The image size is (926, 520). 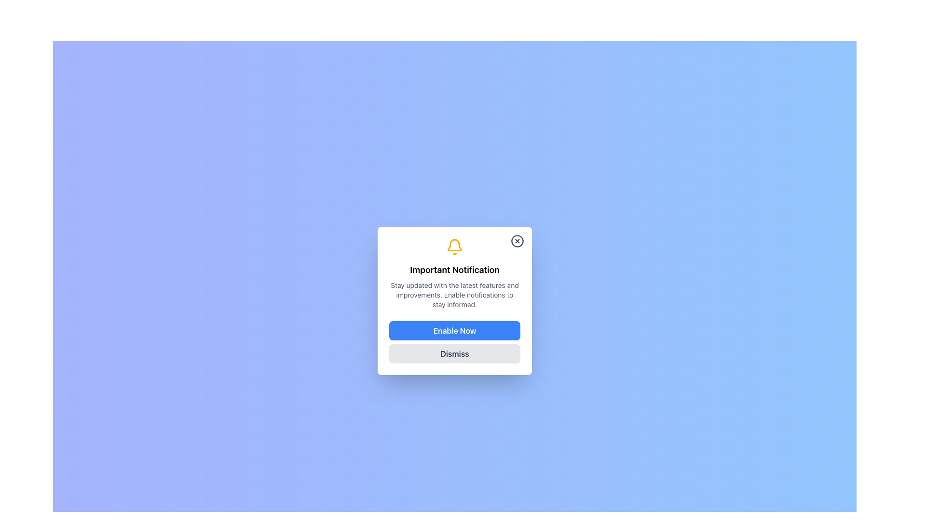 What do you see at coordinates (454, 295) in the screenshot?
I see `the static text urging the user to enable notifications, which is positioned below the 'Important Notification' title and above the 'Enable Now' and 'Dismiss' buttons` at bounding box center [454, 295].